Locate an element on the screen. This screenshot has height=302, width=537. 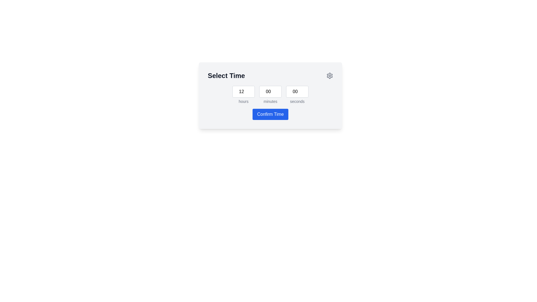
the Text label indicating that the associated input field is for entering seconds, located below the seconds input field in the time input fields arrangement is located at coordinates (297, 95).